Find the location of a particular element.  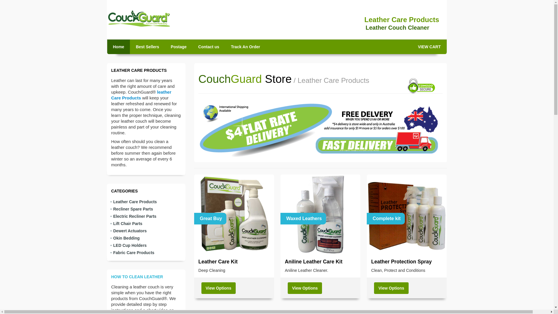

'HOW TO CLEAN LEATHER' is located at coordinates (136, 276).